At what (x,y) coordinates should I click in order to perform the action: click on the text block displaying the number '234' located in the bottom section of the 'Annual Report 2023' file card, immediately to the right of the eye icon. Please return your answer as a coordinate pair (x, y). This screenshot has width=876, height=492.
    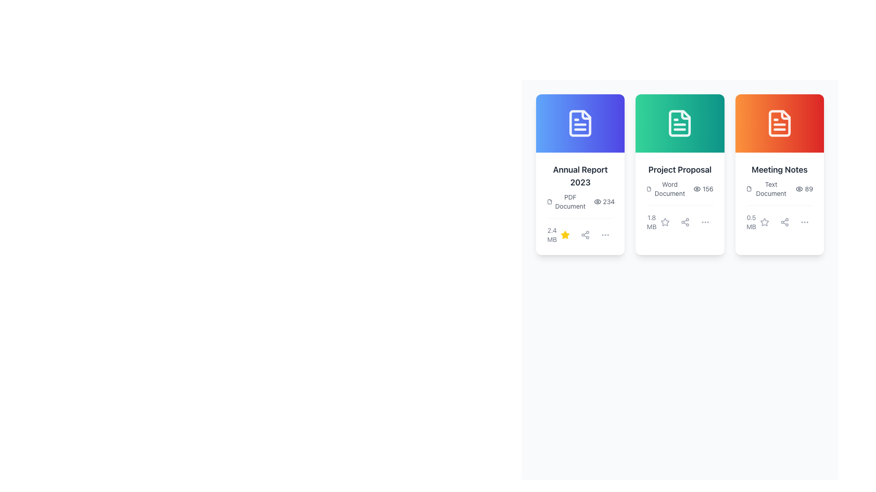
    Looking at the image, I should click on (604, 201).